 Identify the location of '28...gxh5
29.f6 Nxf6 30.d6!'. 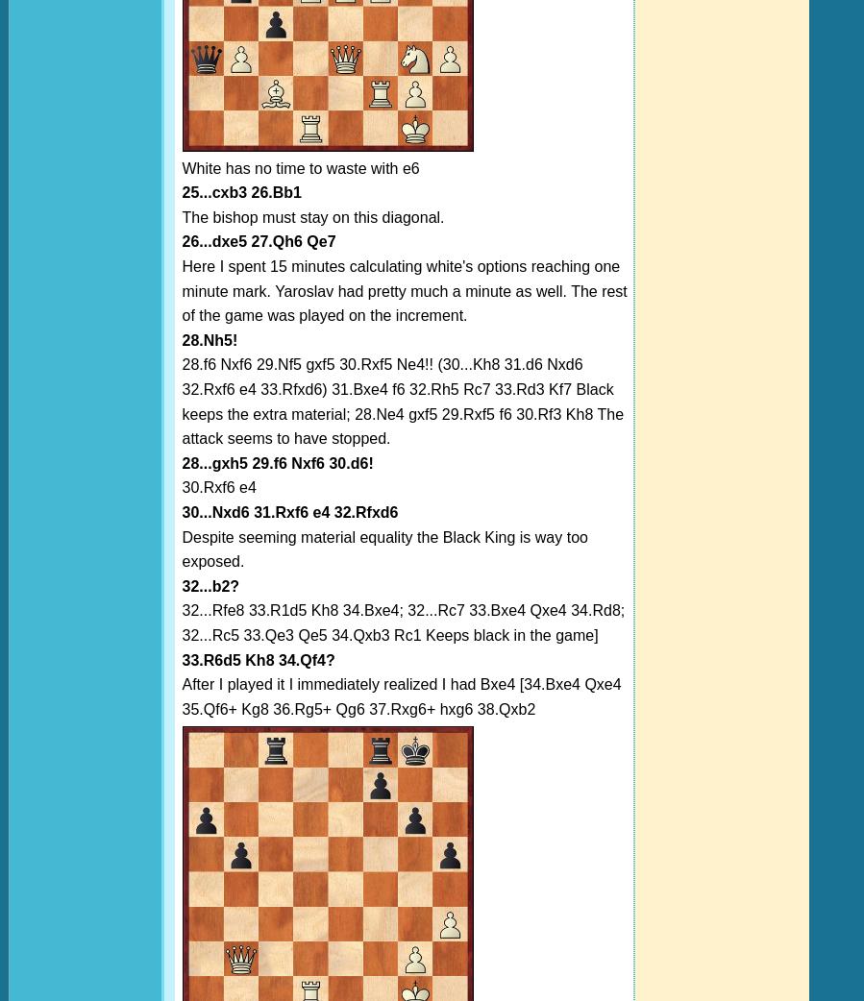
(277, 462).